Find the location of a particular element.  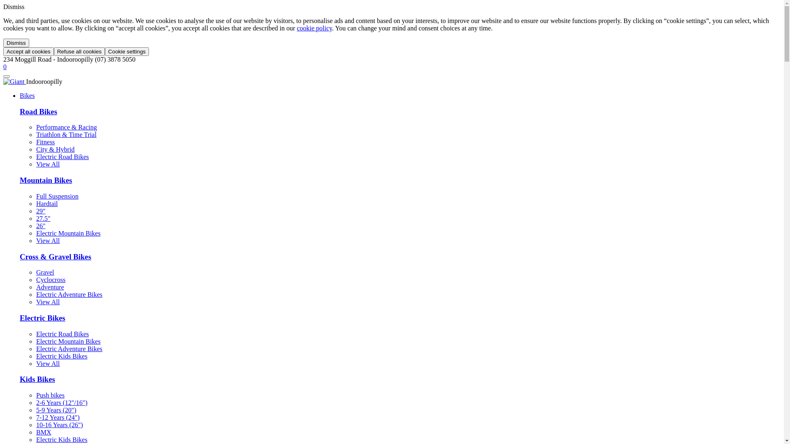

'City & Hybrid' is located at coordinates (35, 149).